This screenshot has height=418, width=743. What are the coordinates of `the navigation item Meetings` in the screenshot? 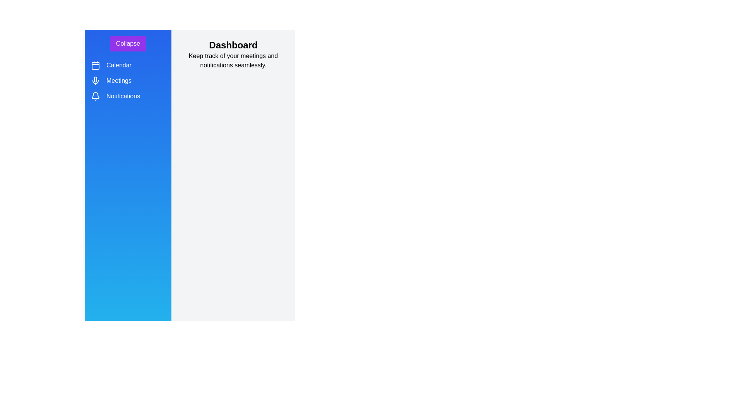 It's located at (95, 81).